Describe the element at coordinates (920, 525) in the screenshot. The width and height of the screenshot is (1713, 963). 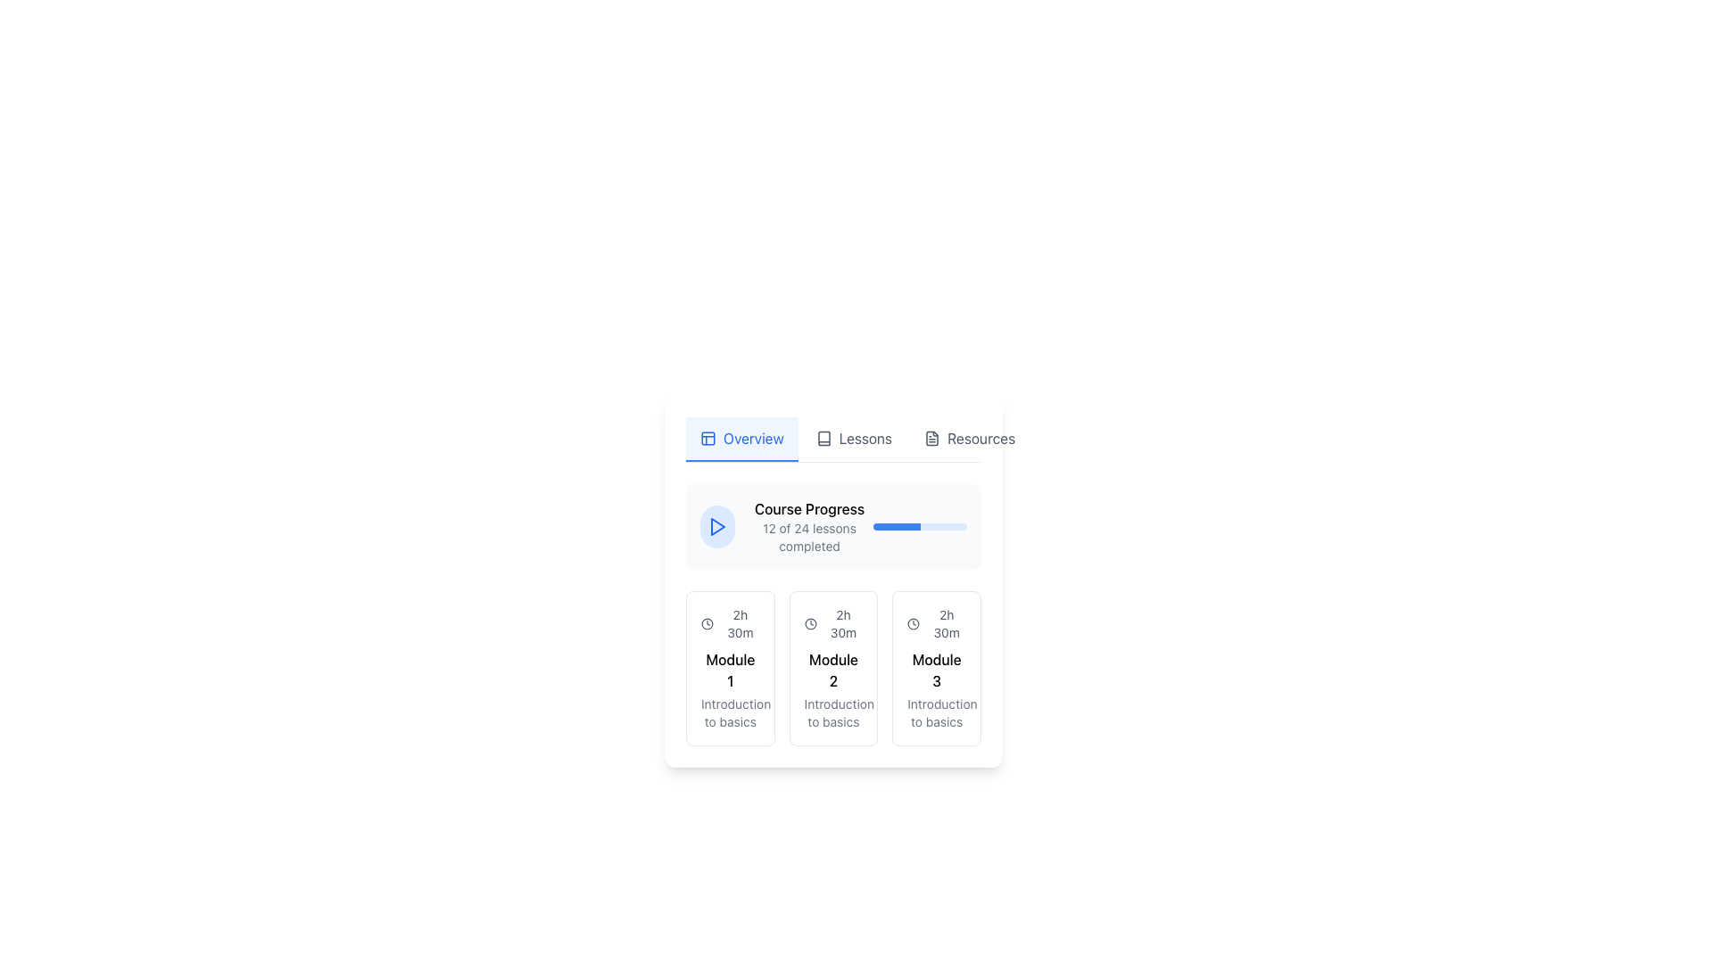
I see `the progress representation by focusing on the progress bar that visually indicates the completion percentage of the course, located below the text '12 of 24 lessons completed'` at that location.